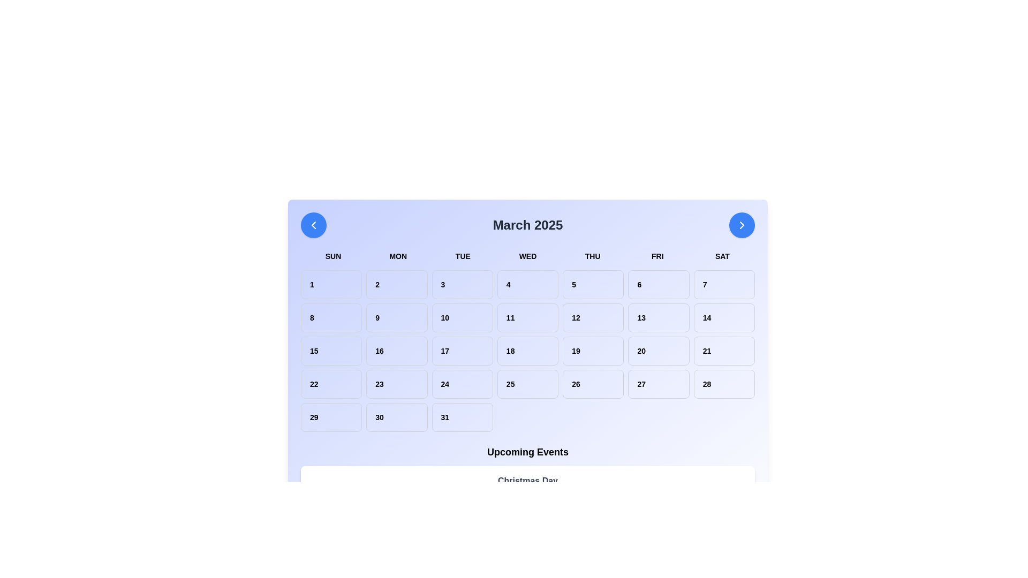  I want to click on the circular blue button with a right-facing chevron icon located at the top-right corner of the interface, adjacent to the 'March 2025' header, so click(742, 224).